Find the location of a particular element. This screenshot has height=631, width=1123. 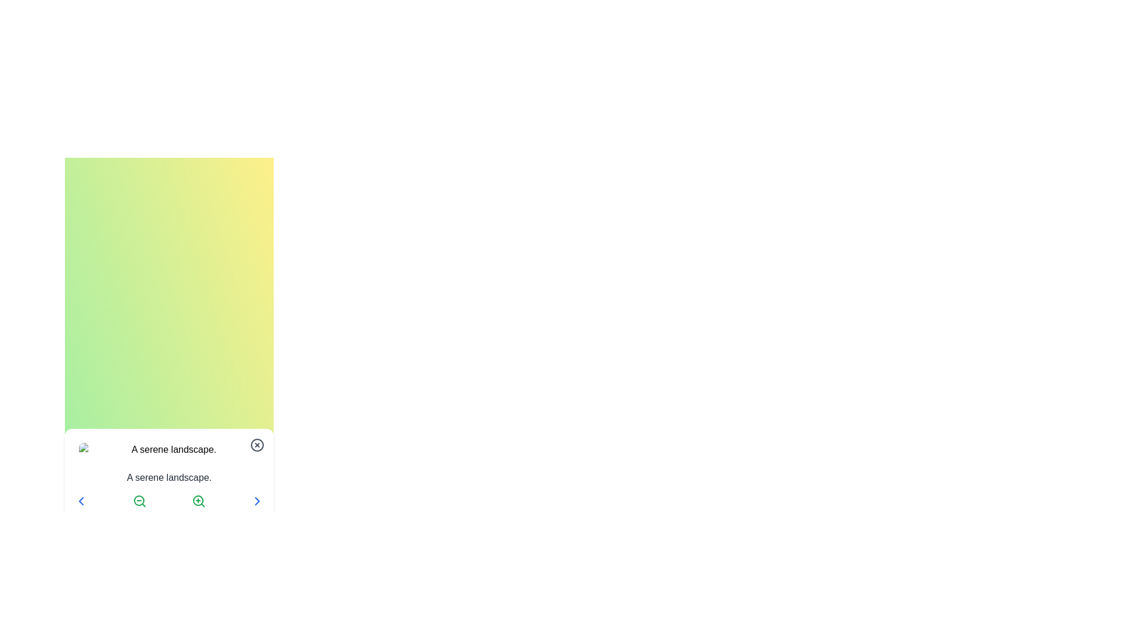

the zoom out button located in the bottom control panel, which is the second icon from the left is located at coordinates (140, 500).